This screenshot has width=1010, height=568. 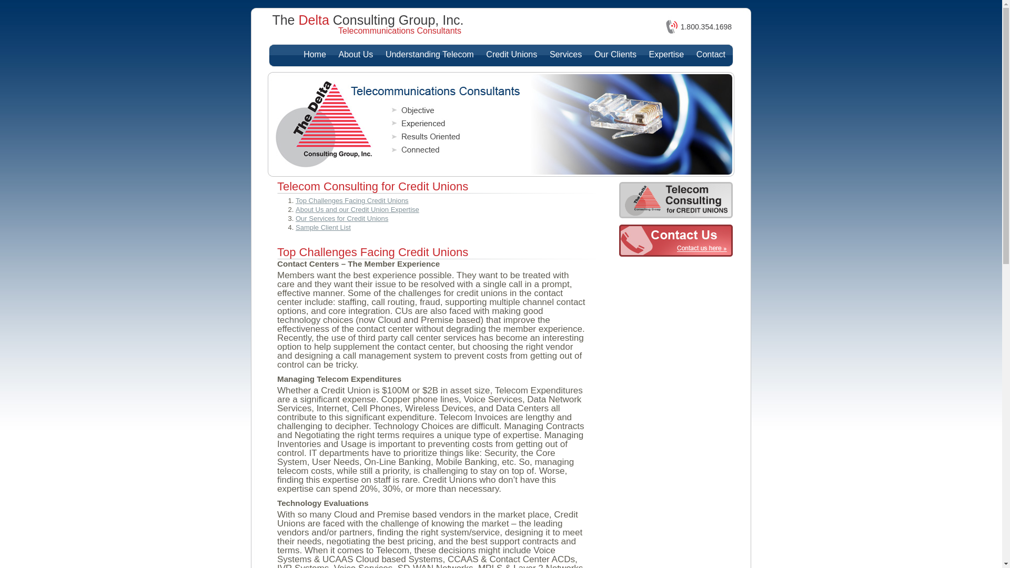 I want to click on 'Services', so click(x=565, y=54).